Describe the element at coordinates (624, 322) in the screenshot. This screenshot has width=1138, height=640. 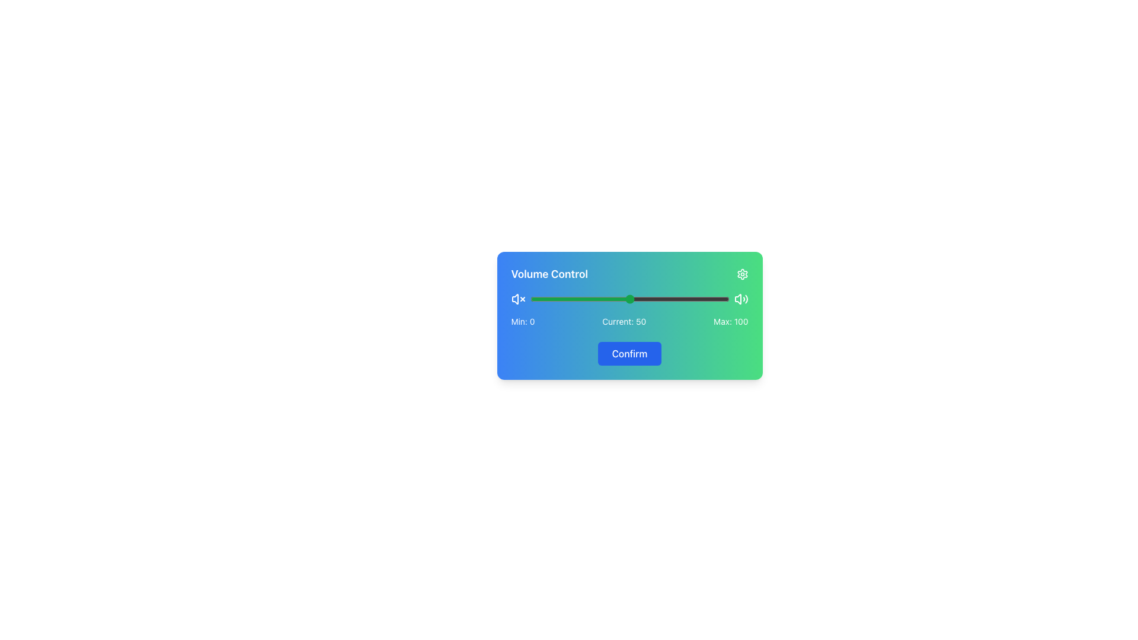
I see `the Text Display that shows the current volume level of 50, located between 'Min: 0' and 'Max: 100' indicators` at that location.